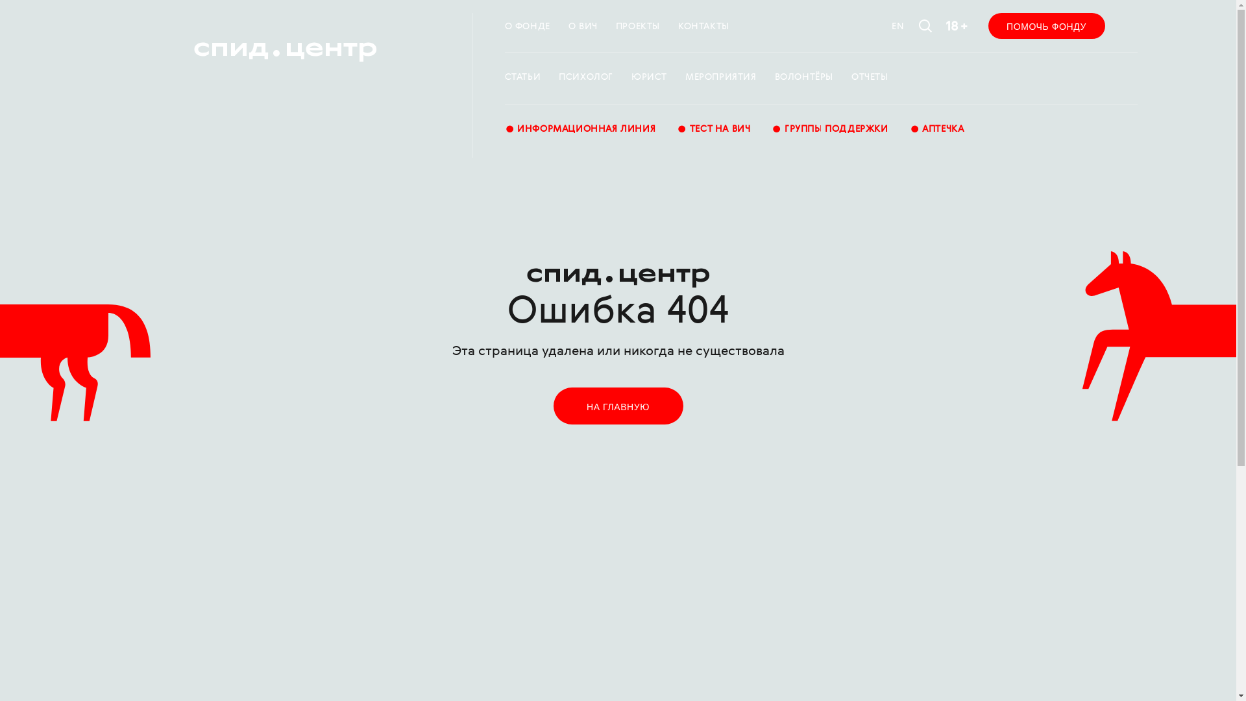 Image resolution: width=1246 pixels, height=701 pixels. I want to click on 'EN', so click(897, 27).